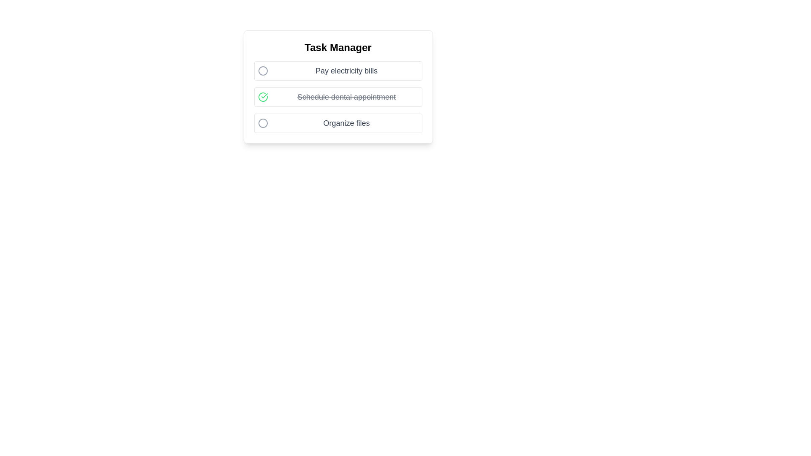 Image resolution: width=811 pixels, height=456 pixels. I want to click on the text label displaying 'Schedule dental appointment' with a strikethrough effect, indicating a completed task in the Task Manager, so click(346, 97).